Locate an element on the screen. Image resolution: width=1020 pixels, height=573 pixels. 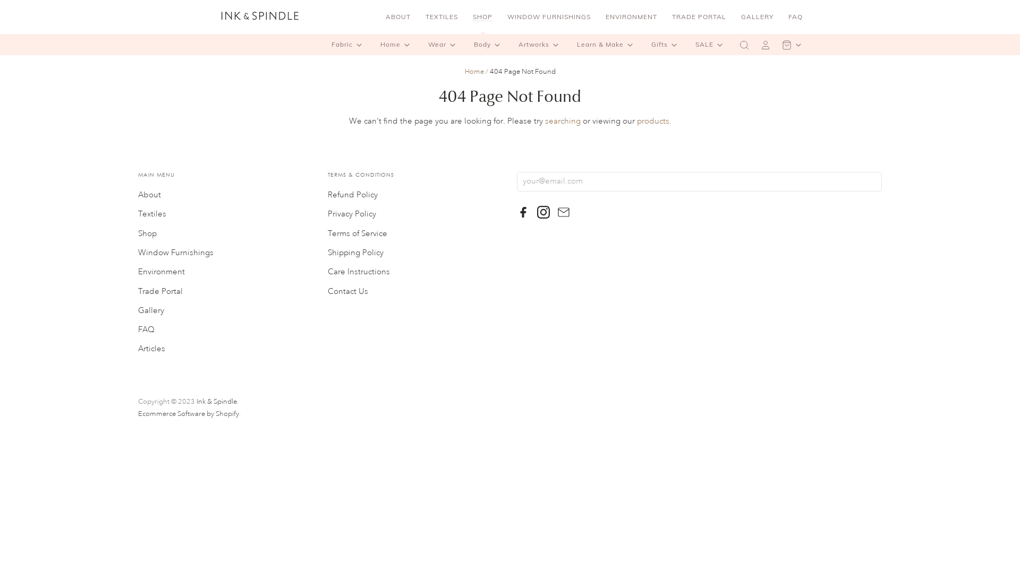
'Terms of Service' is located at coordinates (357, 233).